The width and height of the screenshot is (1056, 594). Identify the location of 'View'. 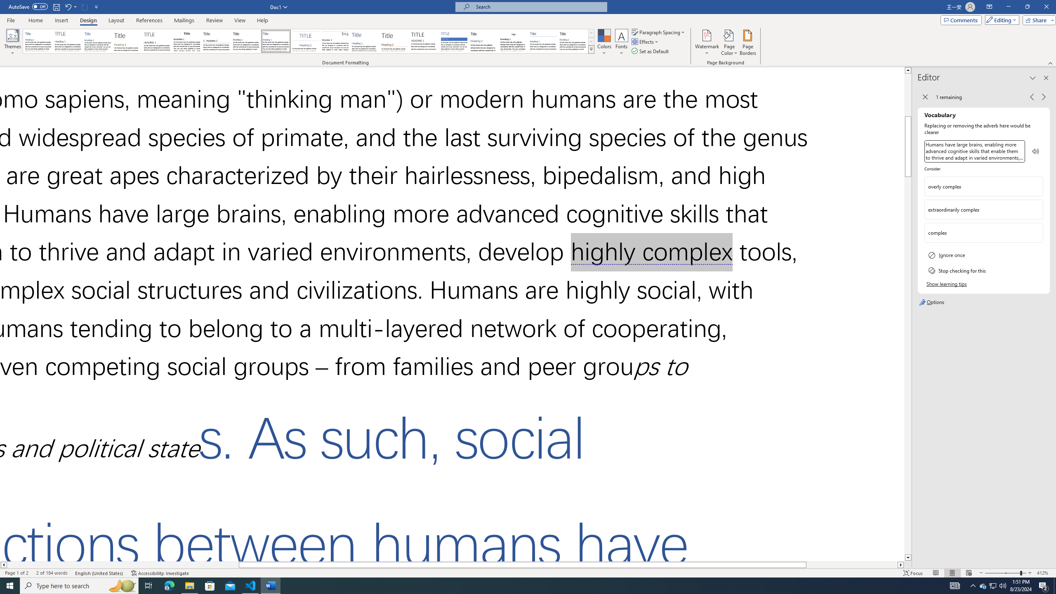
(240, 20).